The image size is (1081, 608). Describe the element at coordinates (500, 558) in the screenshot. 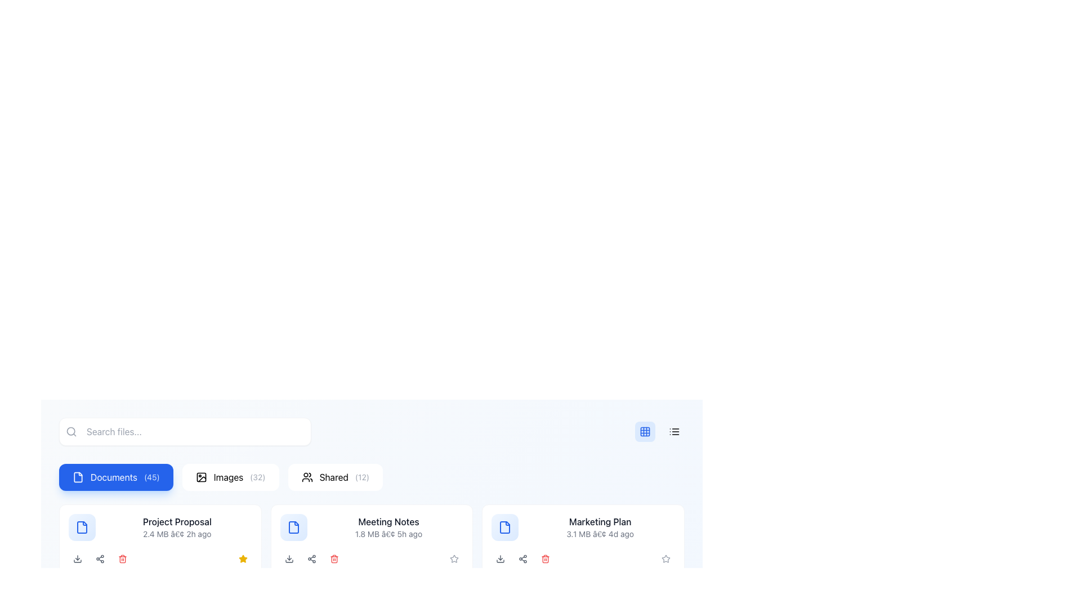

I see `the download icon button located in the bottom action section of the 'Marketing Plan' document card to initiate the download` at that location.